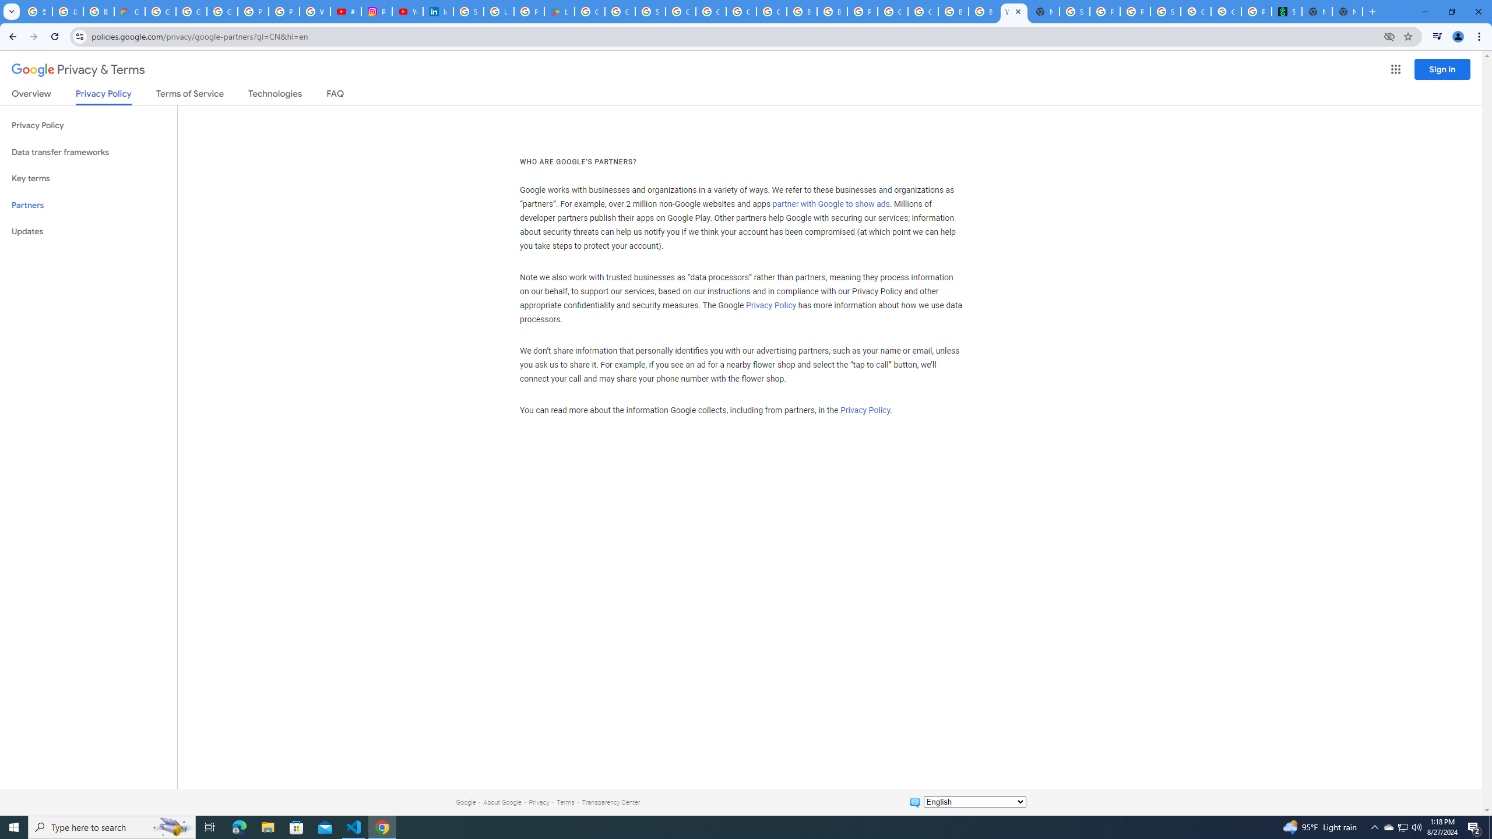 This screenshot has height=839, width=1492. I want to click on 'Google Workspace - Specific Terms', so click(620, 11).